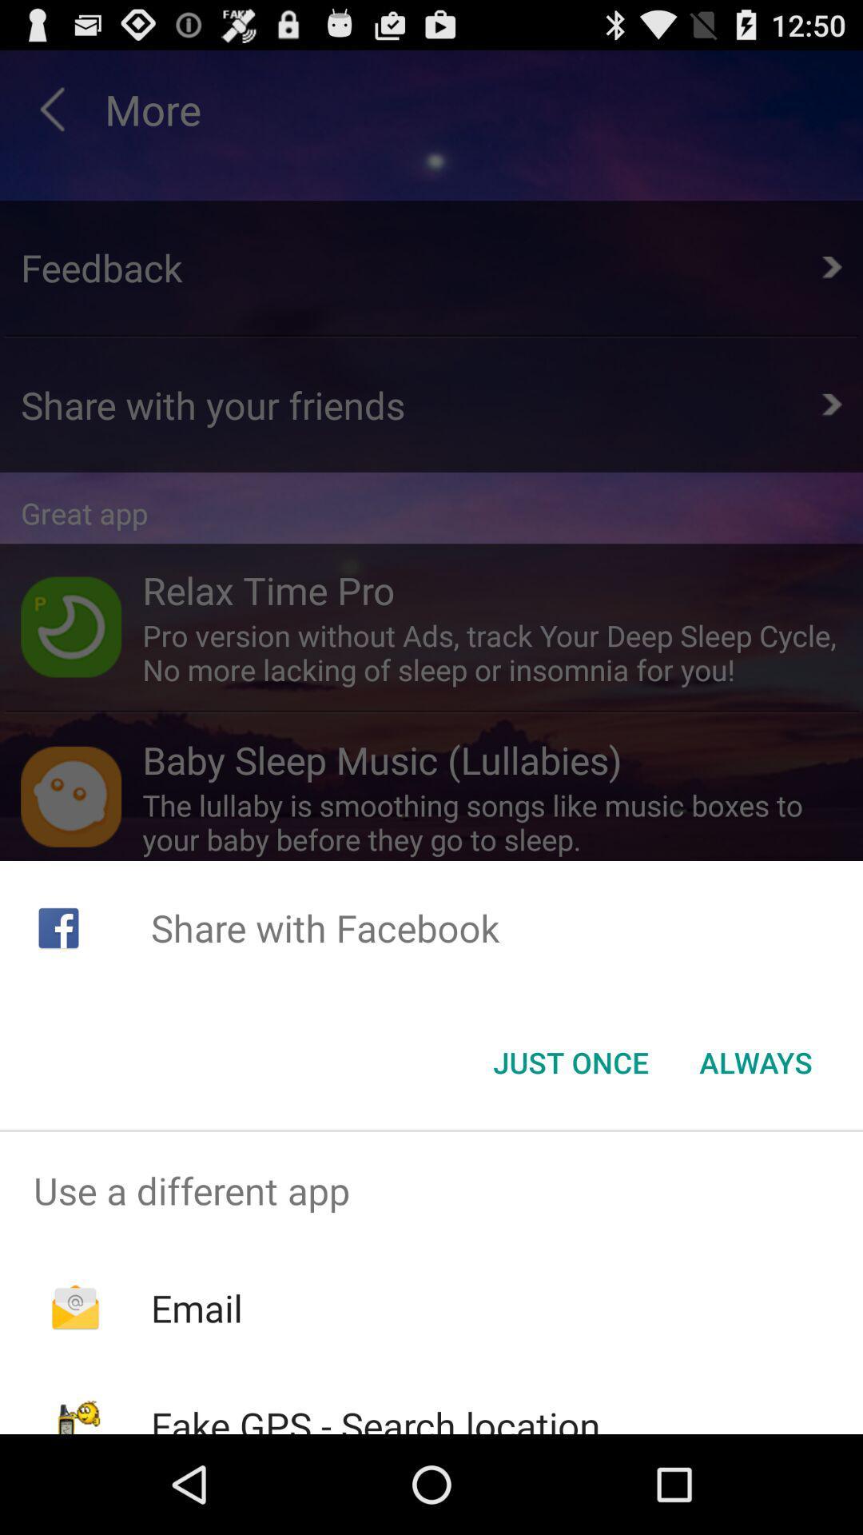 This screenshot has width=863, height=1535. What do you see at coordinates (755, 1063) in the screenshot?
I see `the always icon` at bounding box center [755, 1063].